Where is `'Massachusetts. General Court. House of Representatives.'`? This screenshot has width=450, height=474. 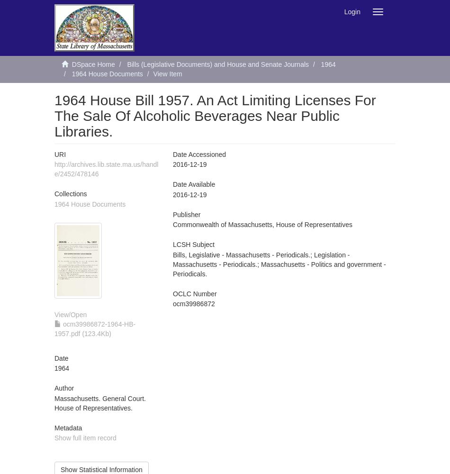 'Massachusetts. General Court. House of Representatives.' is located at coordinates (54, 402).